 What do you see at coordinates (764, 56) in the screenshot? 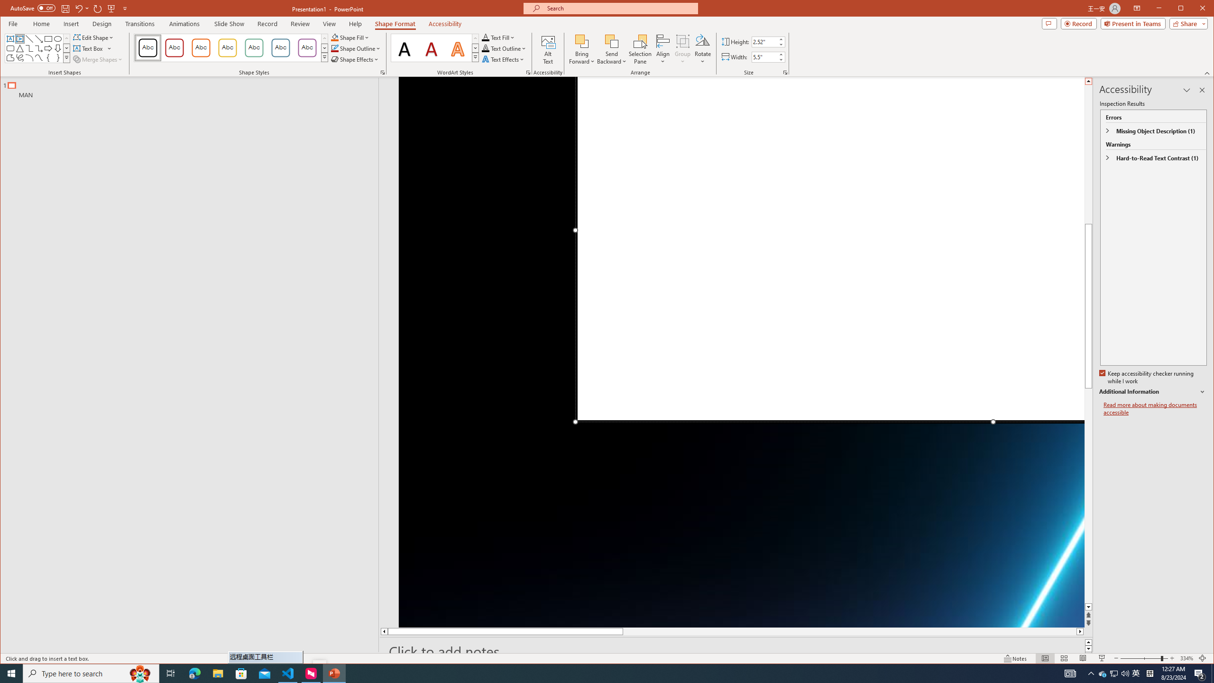
I see `'Shape Width'` at bounding box center [764, 56].